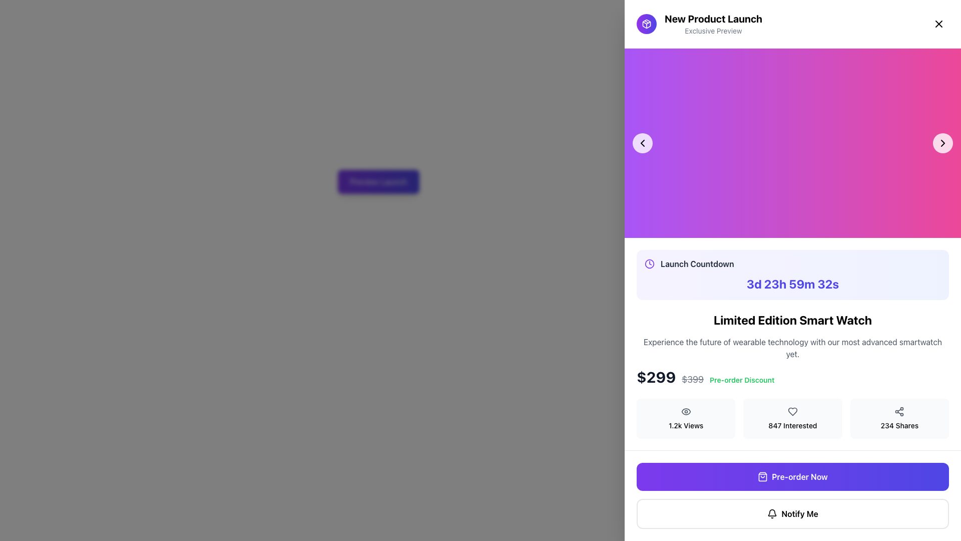  I want to click on text from the small gray-colored label that says 'Exclusive Preview', located directly below the title 'New Product Launch' in the top-right region of the interface, so click(713, 30).